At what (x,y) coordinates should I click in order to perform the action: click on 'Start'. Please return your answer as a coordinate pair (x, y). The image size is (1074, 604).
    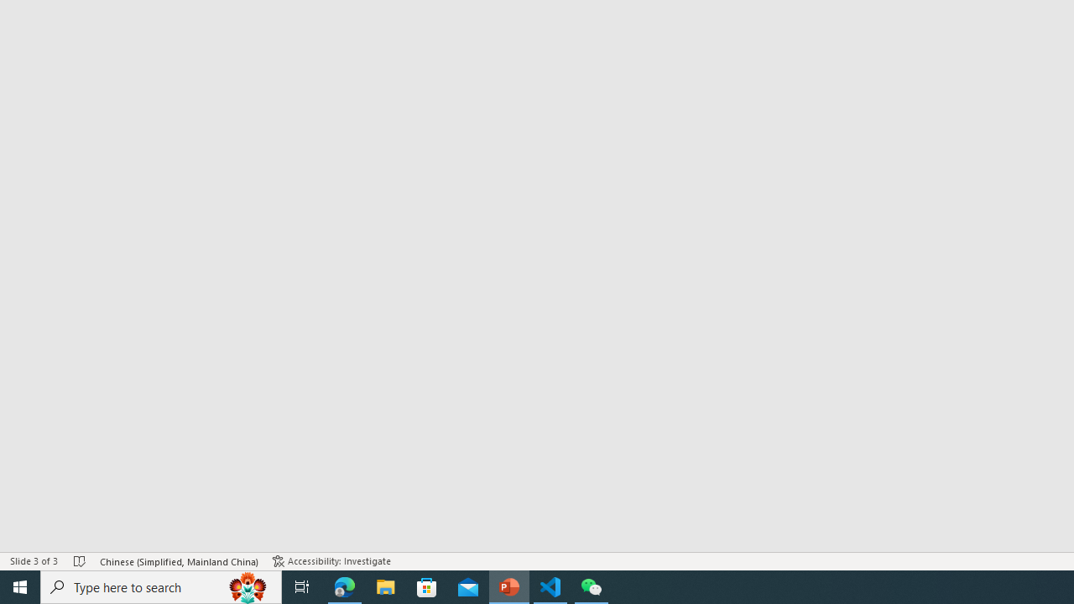
    Looking at the image, I should click on (20, 586).